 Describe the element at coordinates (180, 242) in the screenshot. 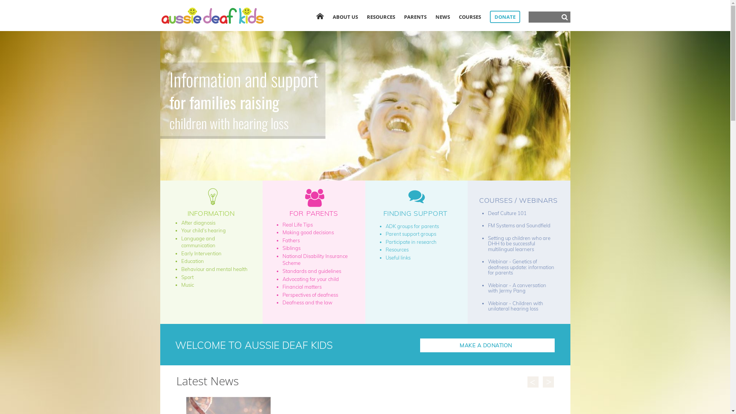

I see `'Language and communication'` at that location.